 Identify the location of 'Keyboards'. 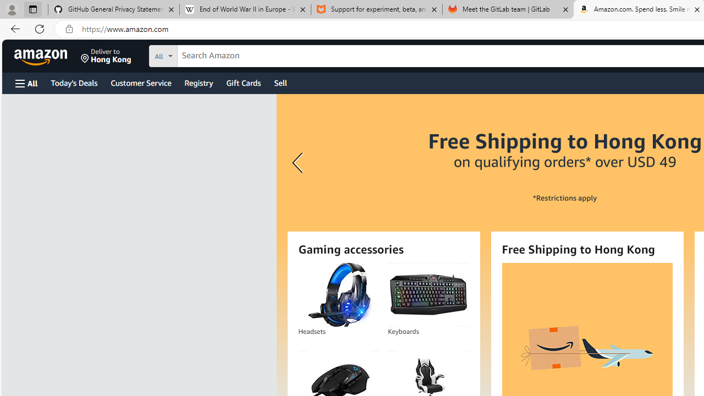
(427, 294).